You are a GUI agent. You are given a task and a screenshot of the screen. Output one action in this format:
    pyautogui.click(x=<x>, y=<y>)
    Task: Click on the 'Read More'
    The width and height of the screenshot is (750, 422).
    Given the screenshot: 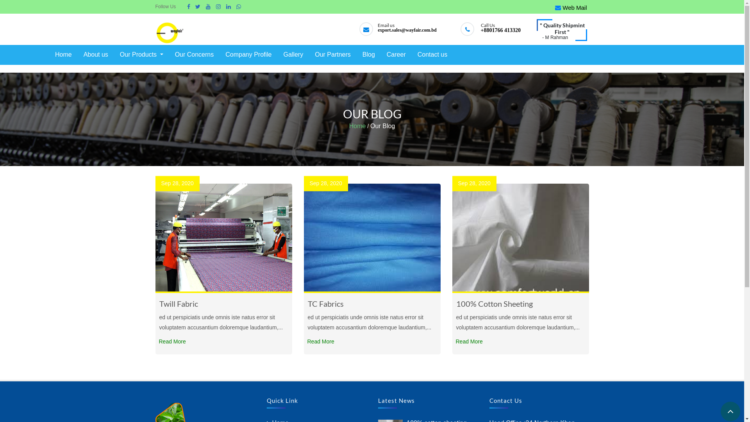 What is the action you would take?
    pyautogui.click(x=469, y=341)
    